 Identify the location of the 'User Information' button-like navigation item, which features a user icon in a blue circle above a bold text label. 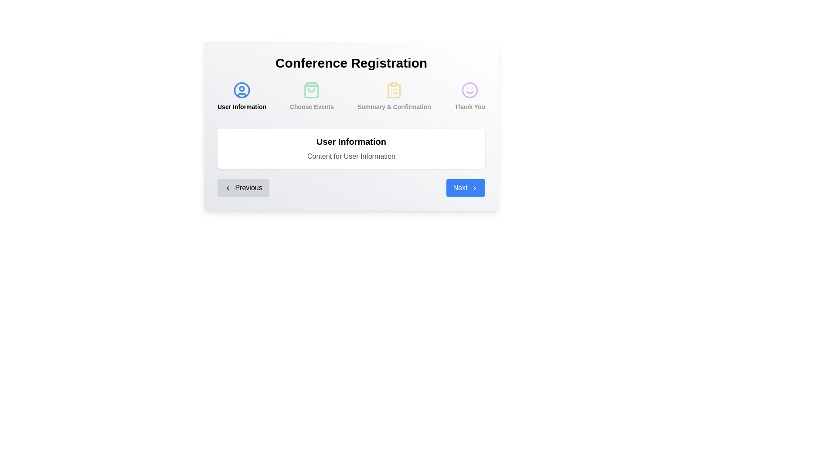
(242, 96).